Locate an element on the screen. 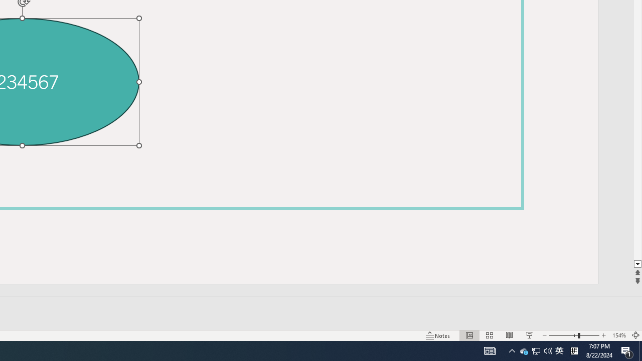 This screenshot has height=361, width=642. 'Zoom 154%' is located at coordinates (618, 335).